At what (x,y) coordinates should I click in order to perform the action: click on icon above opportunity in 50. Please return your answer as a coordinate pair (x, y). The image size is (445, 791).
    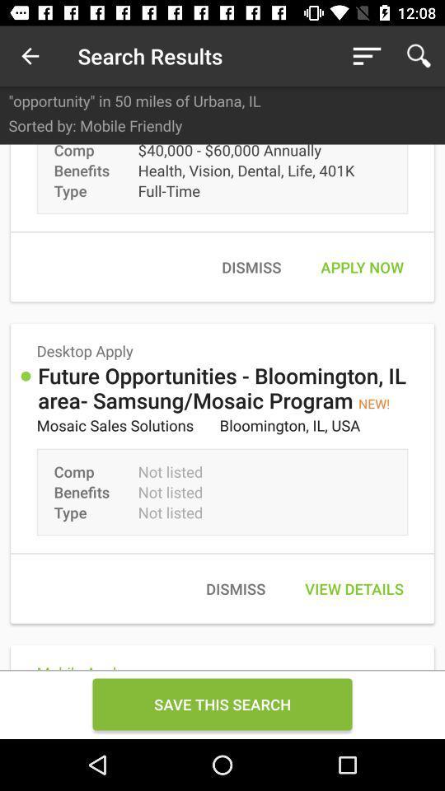
    Looking at the image, I should click on (367, 56).